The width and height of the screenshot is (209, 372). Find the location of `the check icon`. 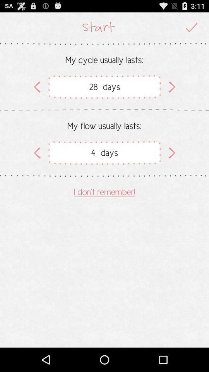

the check icon is located at coordinates (191, 29).